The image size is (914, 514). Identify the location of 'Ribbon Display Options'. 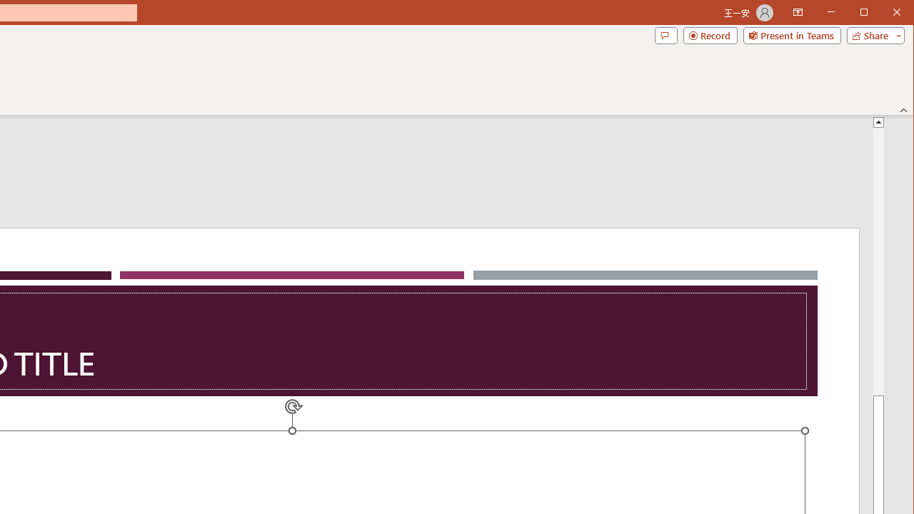
(797, 13).